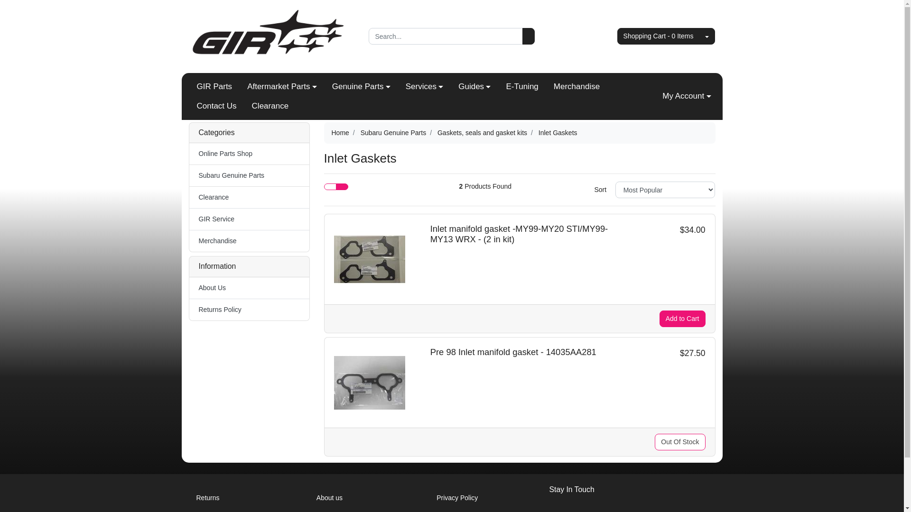  What do you see at coordinates (249, 153) in the screenshot?
I see `'Online Parts Shop'` at bounding box center [249, 153].